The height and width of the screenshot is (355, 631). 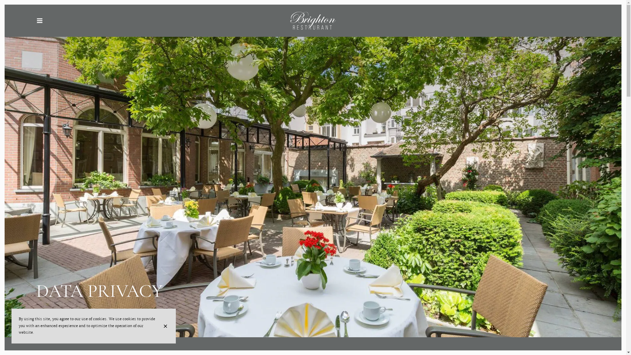 What do you see at coordinates (166, 326) in the screenshot?
I see `'Close the cookie information banner'` at bounding box center [166, 326].